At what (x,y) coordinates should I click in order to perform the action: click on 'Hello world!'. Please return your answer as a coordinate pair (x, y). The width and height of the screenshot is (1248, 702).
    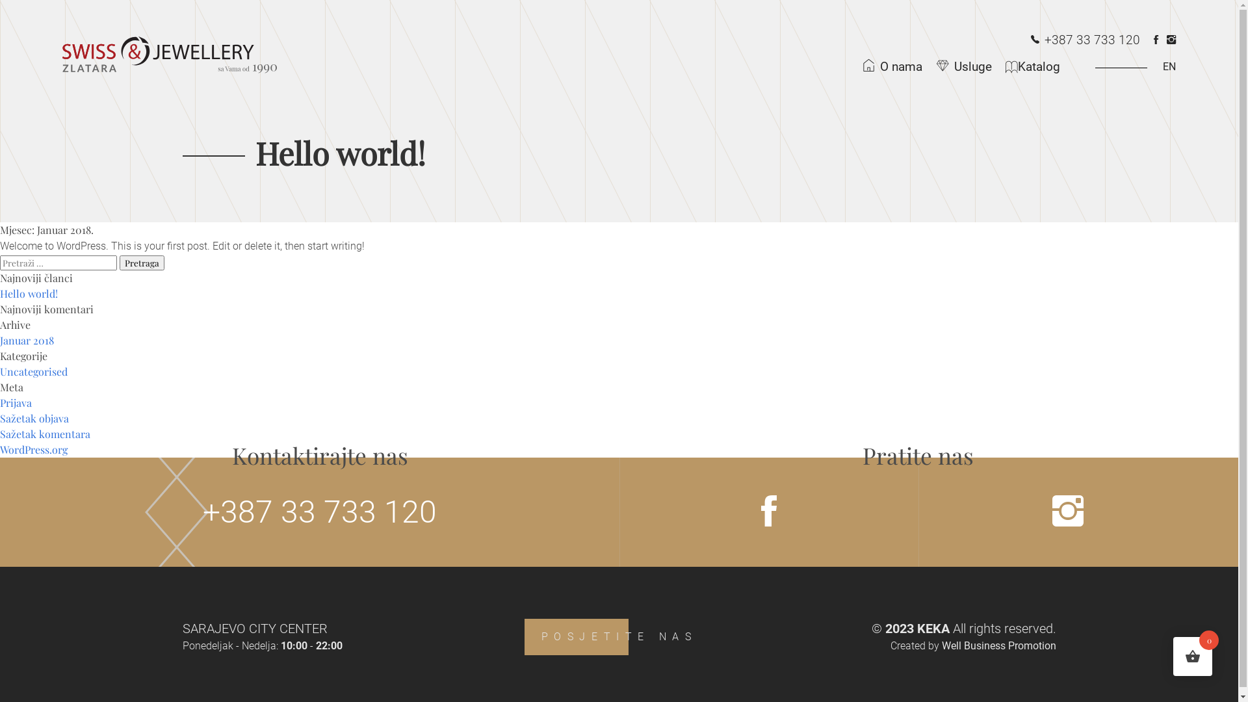
    Looking at the image, I should click on (29, 293).